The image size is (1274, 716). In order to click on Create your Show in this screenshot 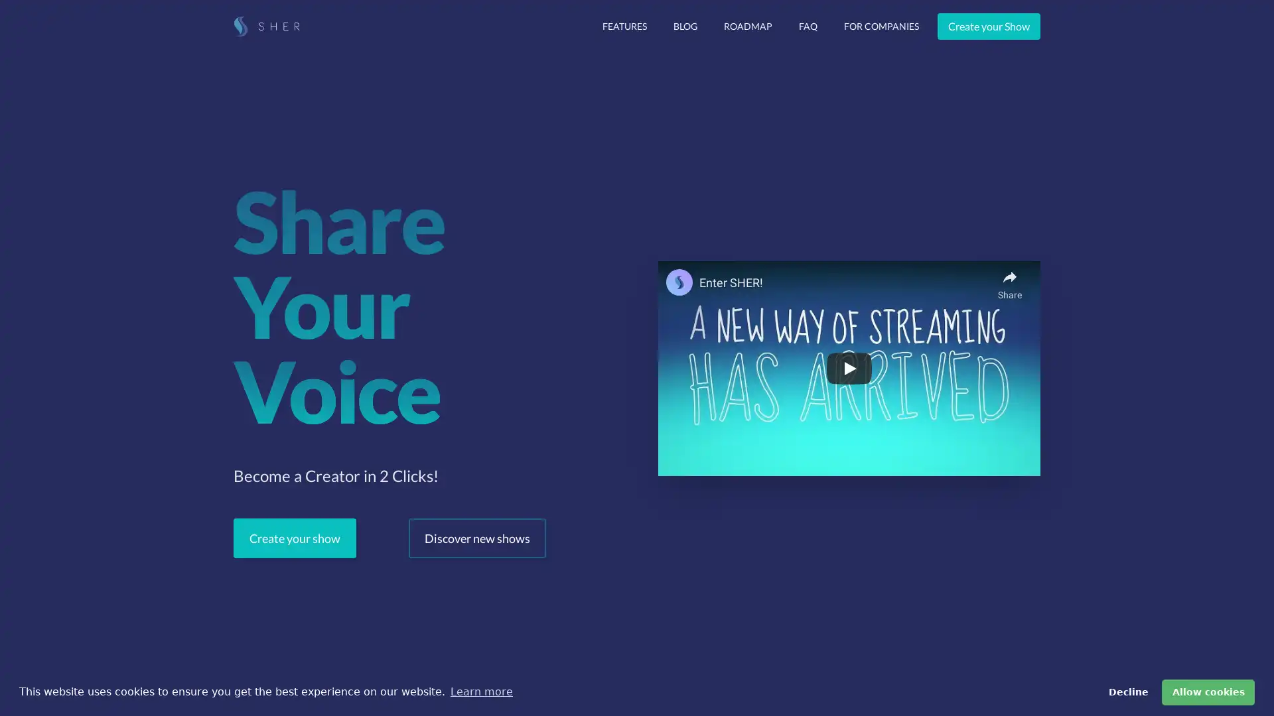, I will do `click(989, 26)`.